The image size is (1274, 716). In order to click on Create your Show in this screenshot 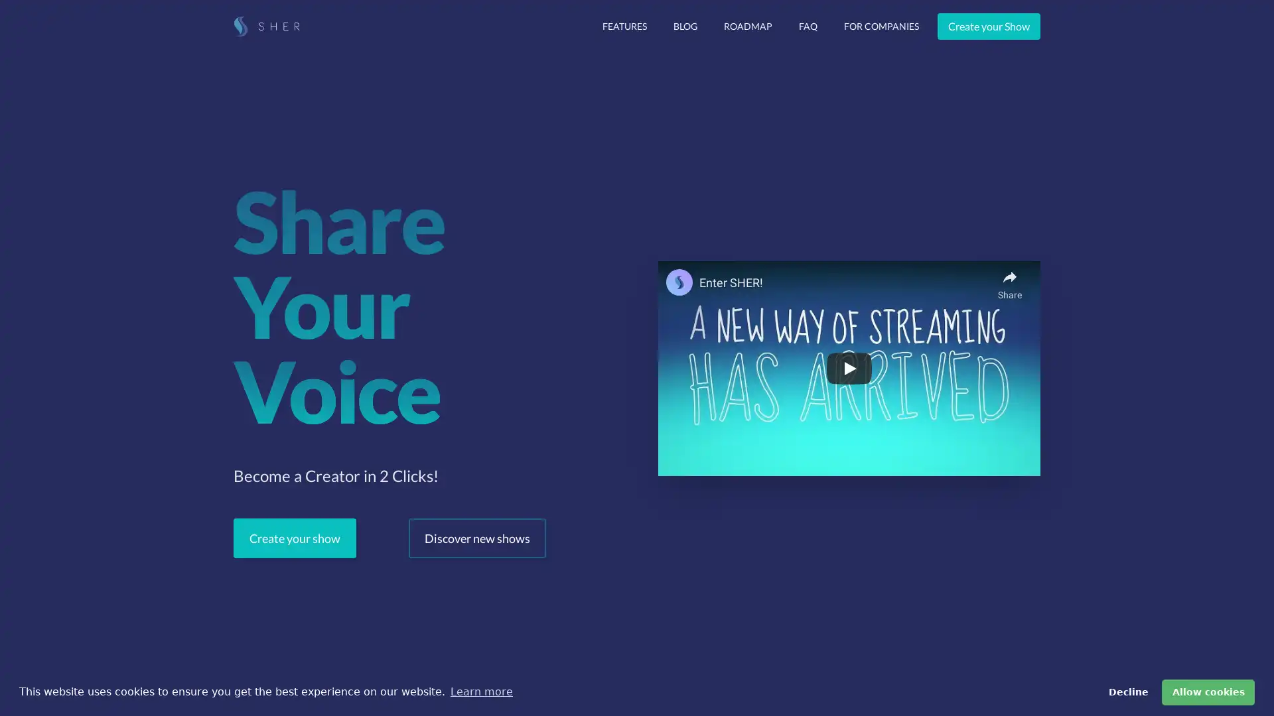, I will do `click(989, 26)`.